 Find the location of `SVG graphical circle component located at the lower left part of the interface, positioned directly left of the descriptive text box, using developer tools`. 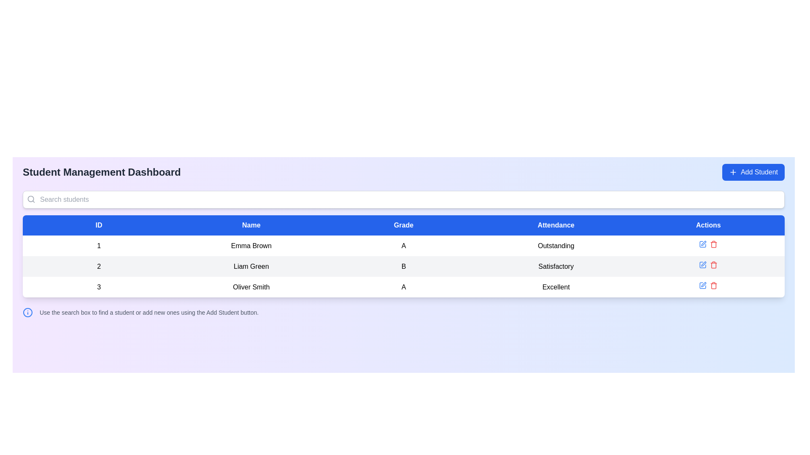

SVG graphical circle component located at the lower left part of the interface, positioned directly left of the descriptive text box, using developer tools is located at coordinates (28, 312).